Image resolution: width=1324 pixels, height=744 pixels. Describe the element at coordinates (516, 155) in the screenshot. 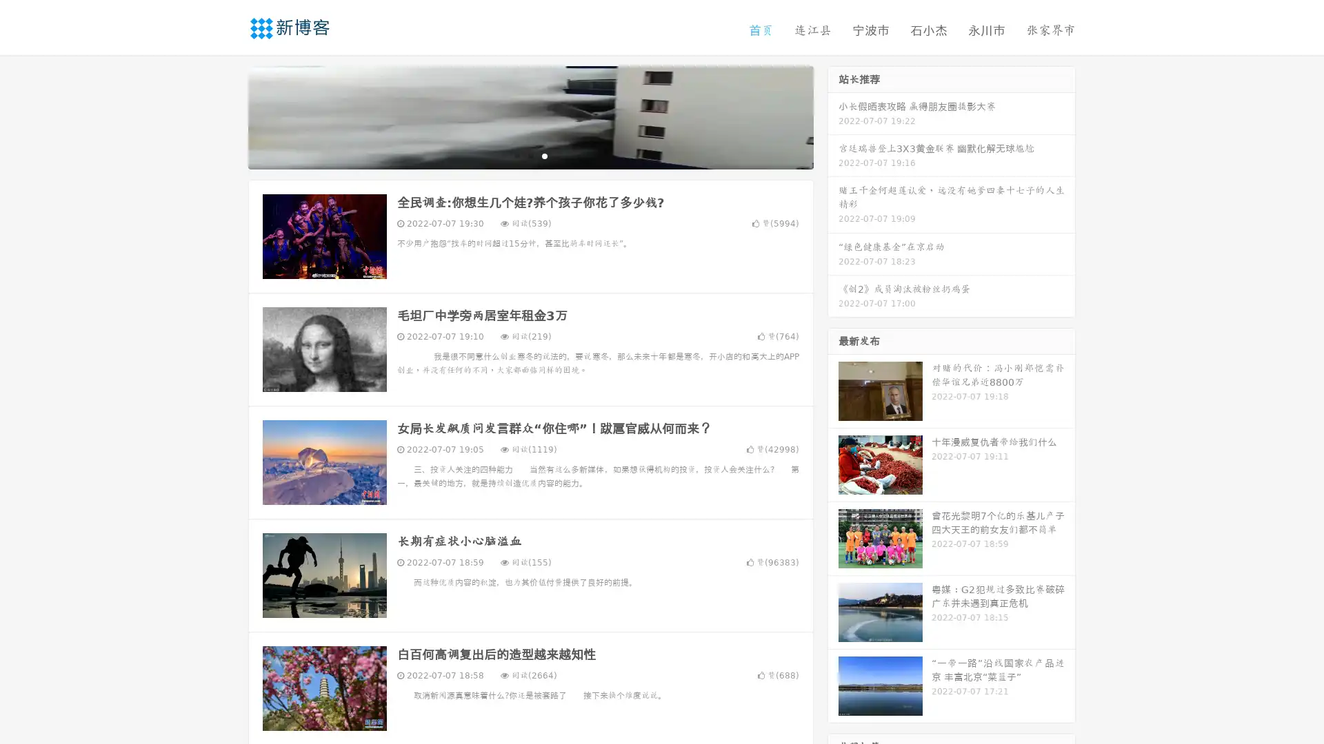

I see `Go to slide 1` at that location.